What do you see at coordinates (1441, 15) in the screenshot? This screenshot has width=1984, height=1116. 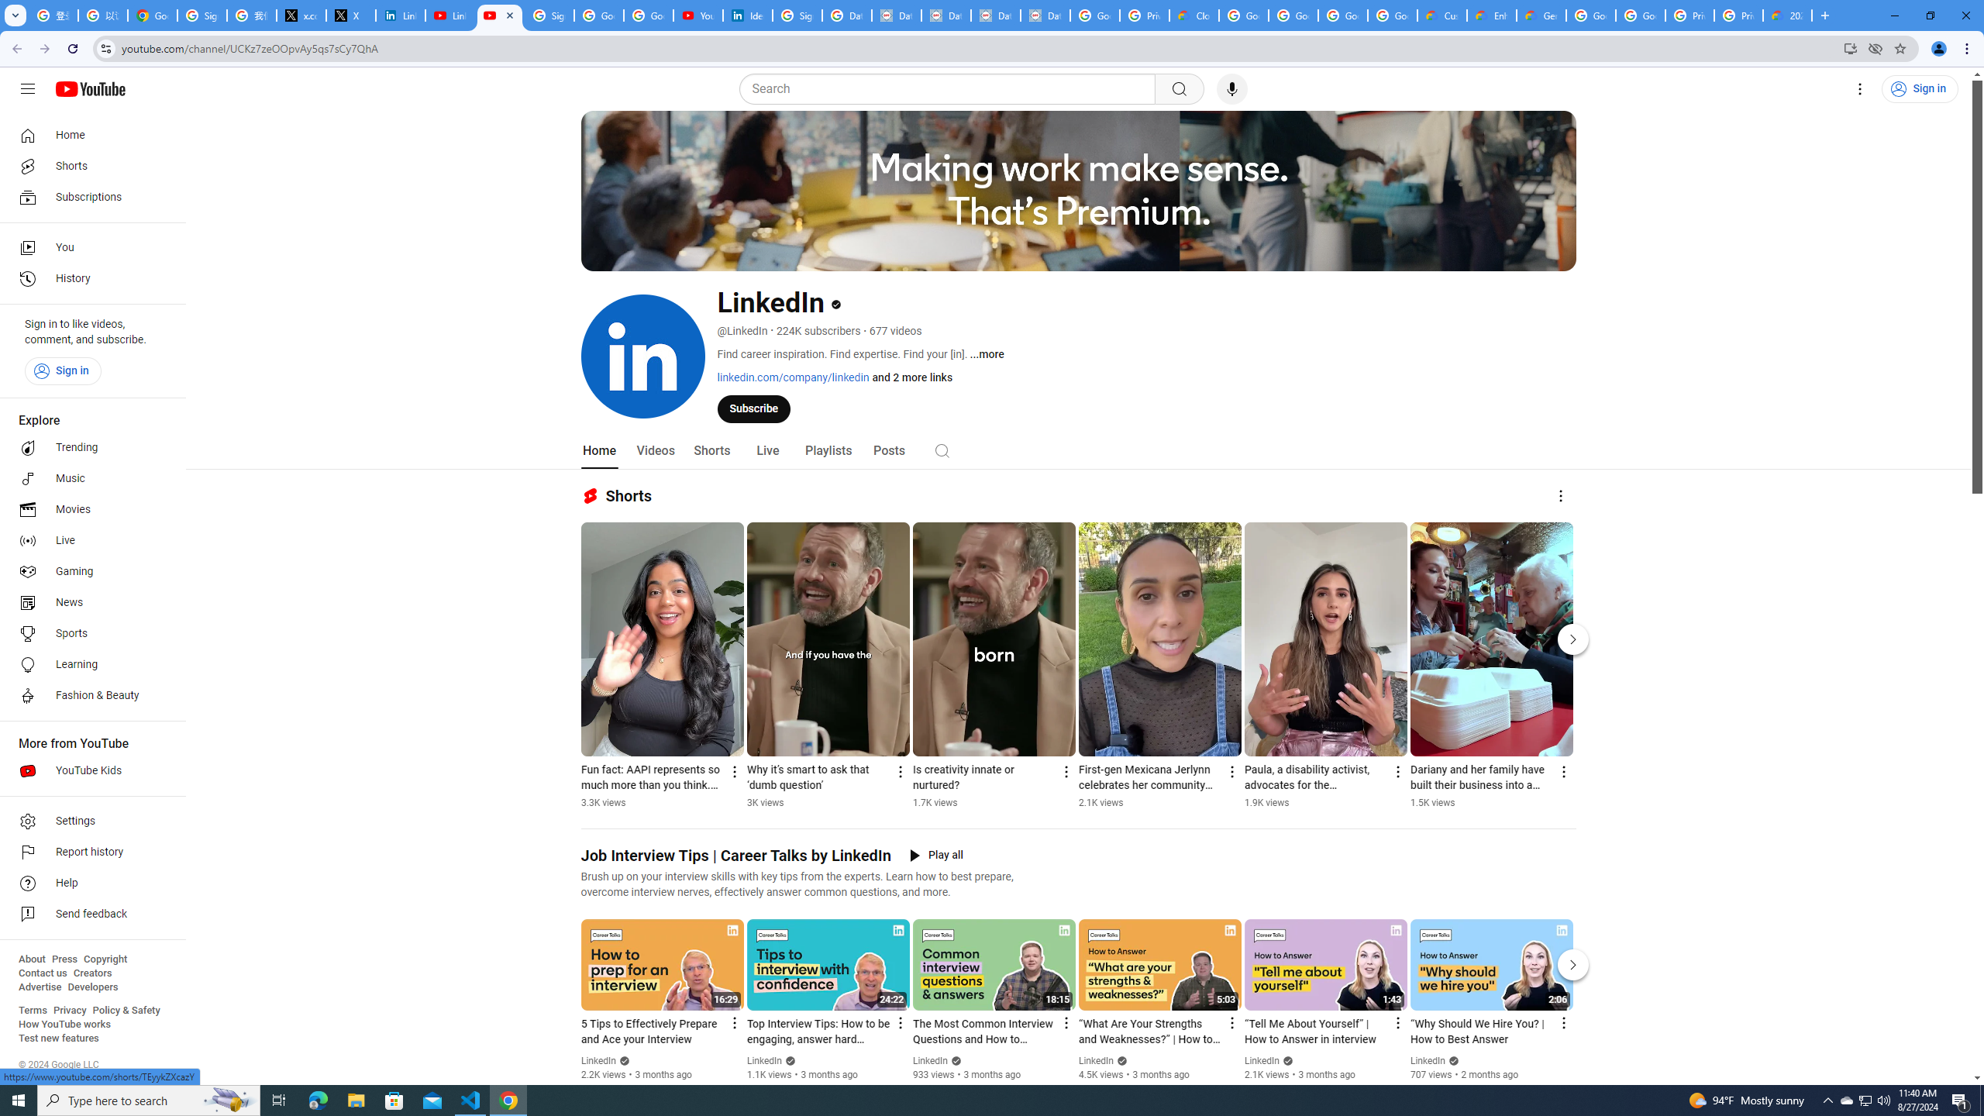 I see `'Customer Care | Google Cloud'` at bounding box center [1441, 15].